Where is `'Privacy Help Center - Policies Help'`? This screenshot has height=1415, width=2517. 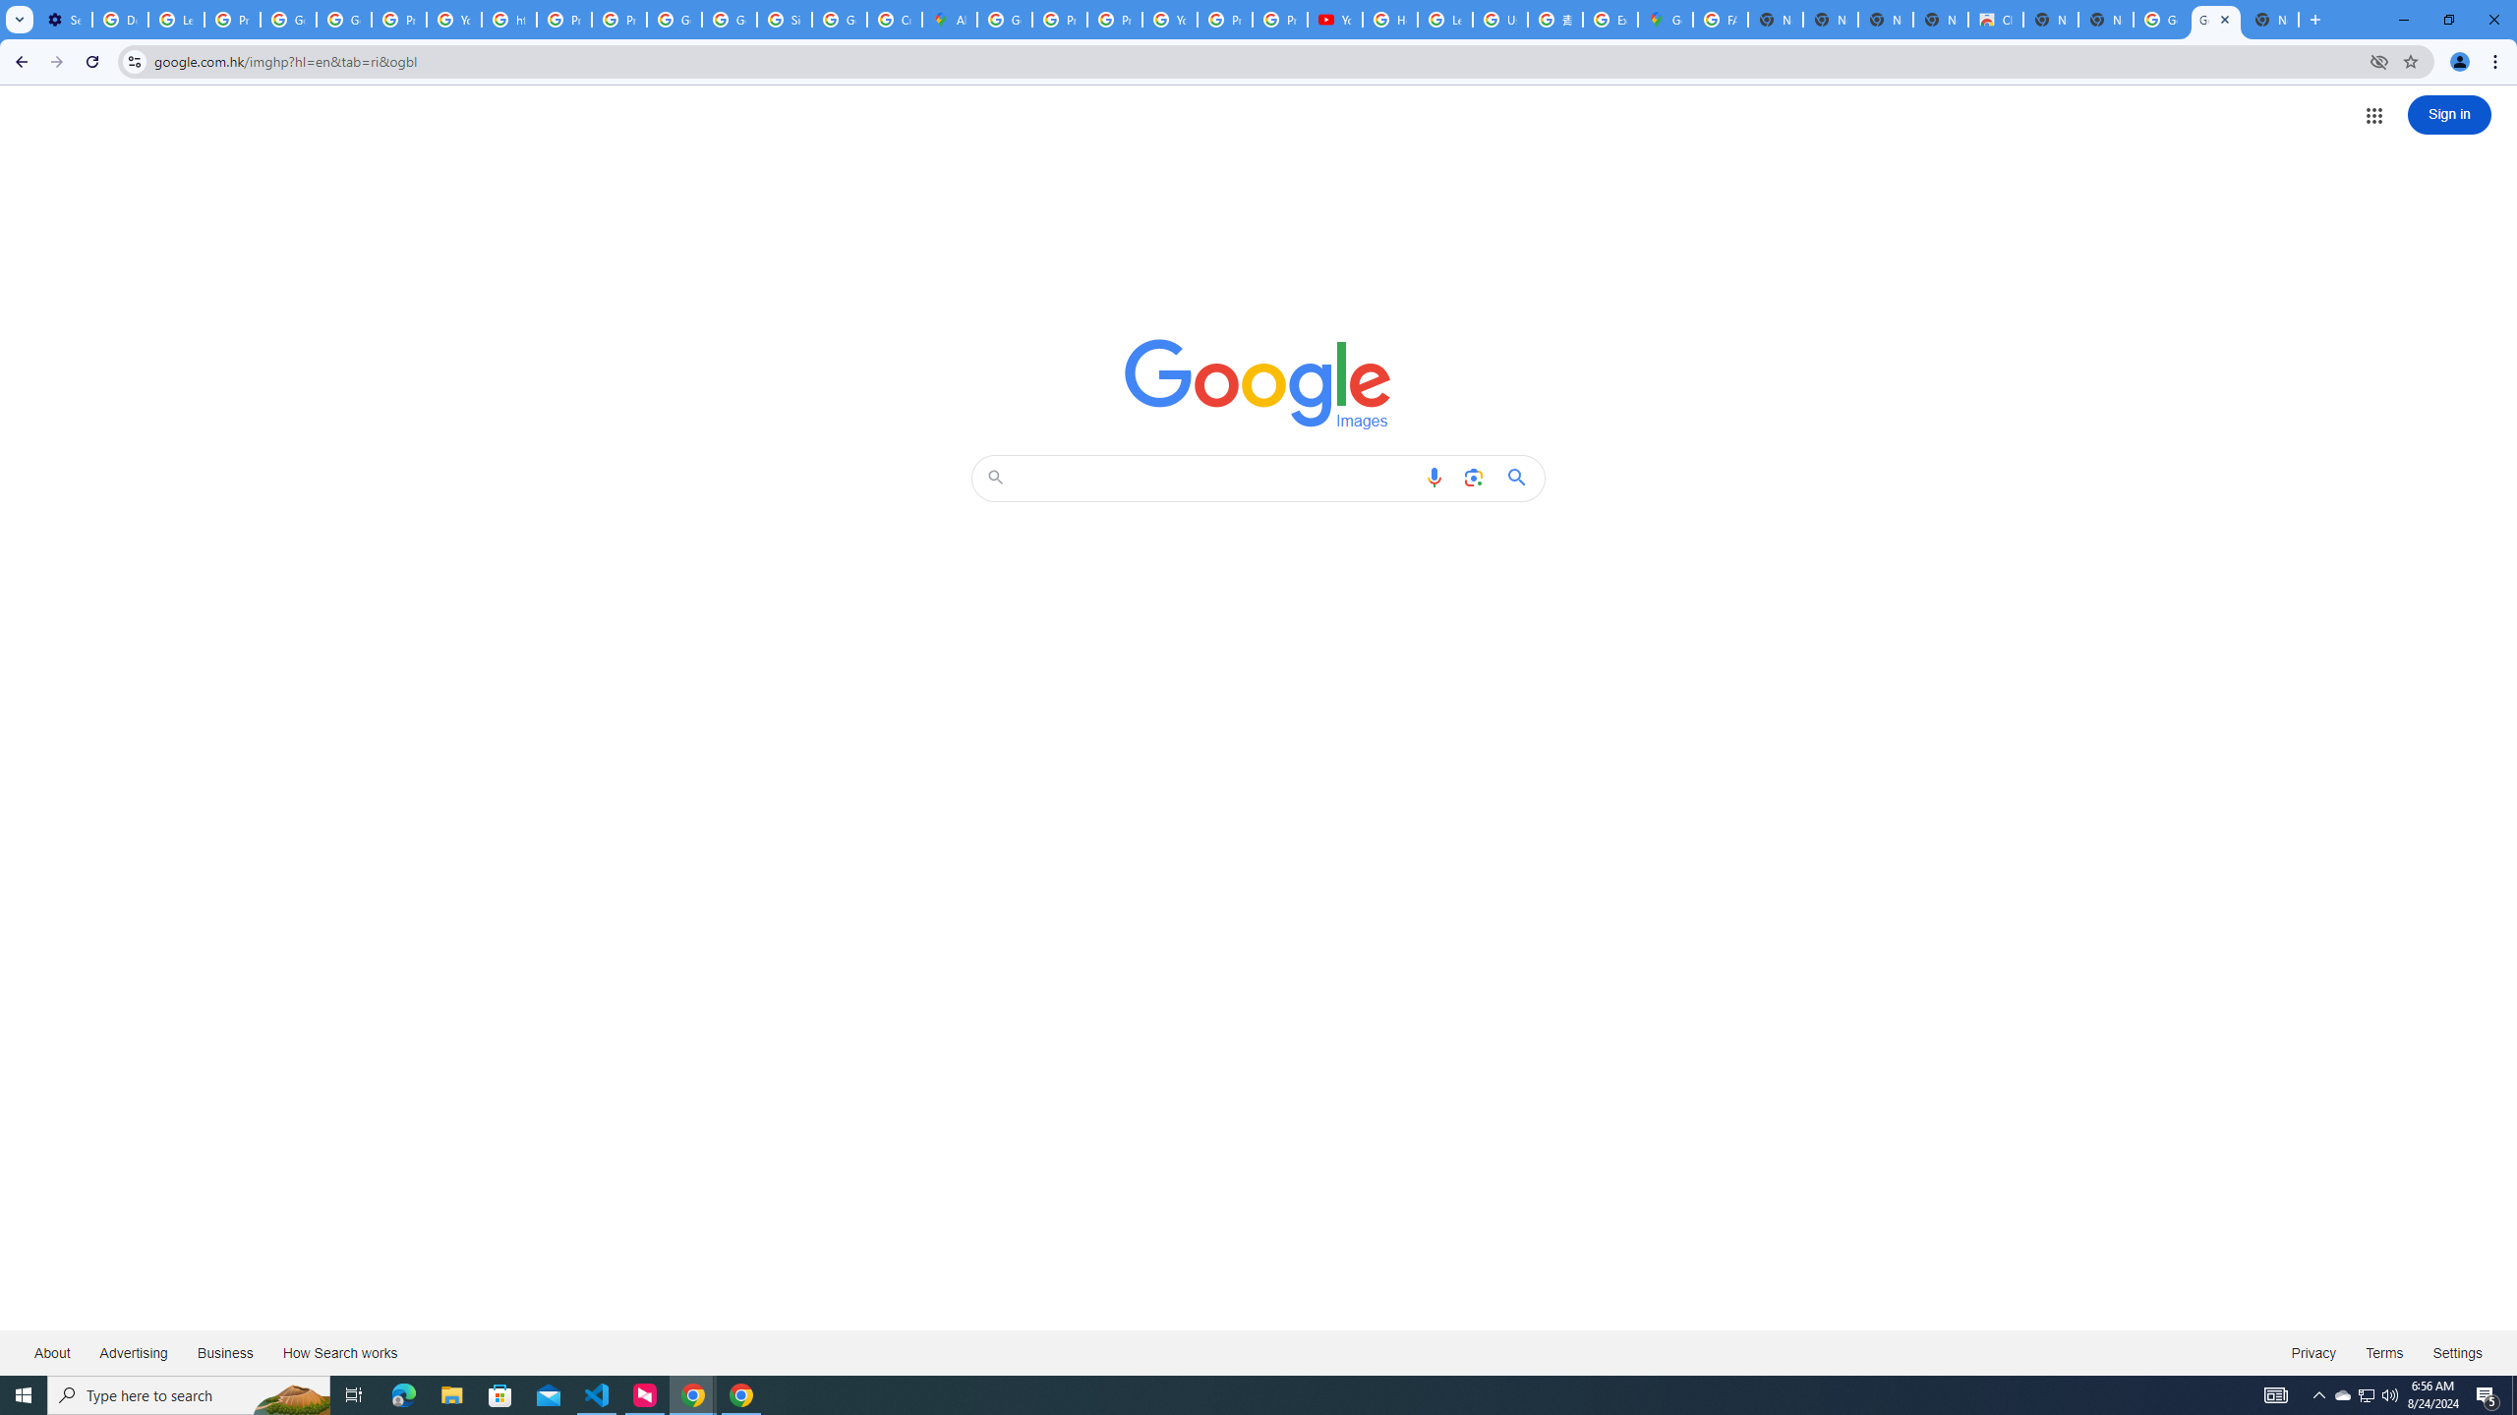
'Privacy Help Center - Policies Help' is located at coordinates (1061, 19).